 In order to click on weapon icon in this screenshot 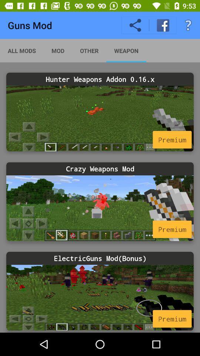, I will do `click(126, 50)`.